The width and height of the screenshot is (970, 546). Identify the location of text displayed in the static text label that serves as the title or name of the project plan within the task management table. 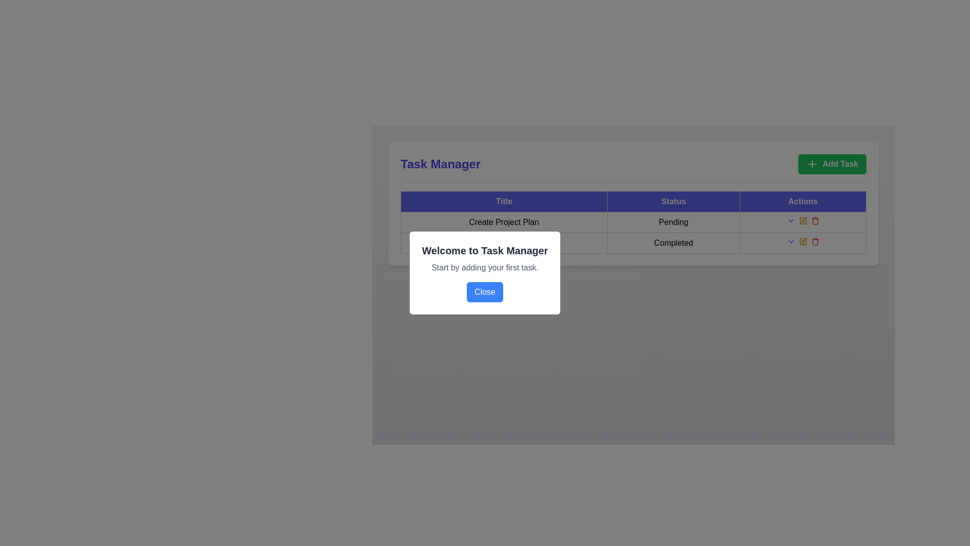
(504, 221).